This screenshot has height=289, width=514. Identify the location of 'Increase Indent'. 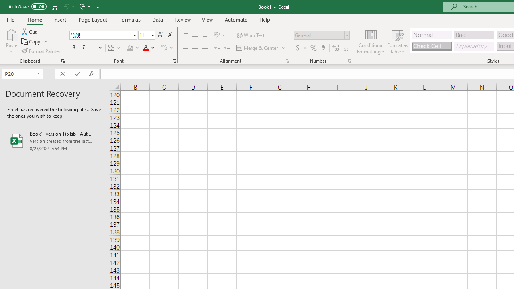
(226, 48).